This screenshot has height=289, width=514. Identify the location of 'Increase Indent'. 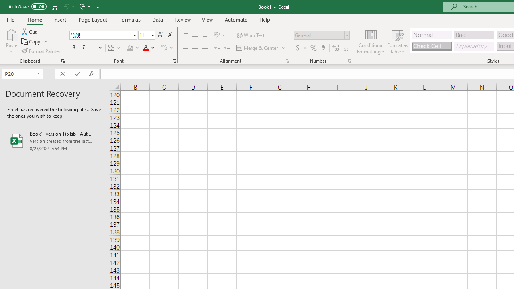
(226, 48).